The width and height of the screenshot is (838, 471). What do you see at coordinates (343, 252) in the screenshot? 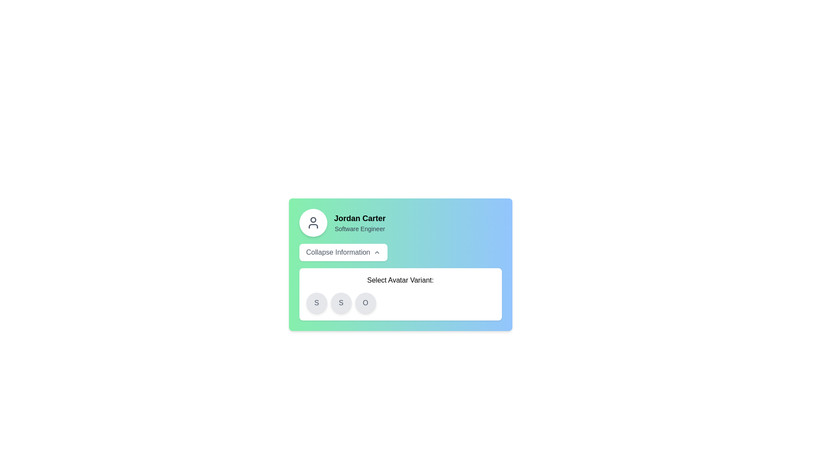
I see `the button below the header displaying 'Jordan Carter' and 'Software Engineer'` at bounding box center [343, 252].